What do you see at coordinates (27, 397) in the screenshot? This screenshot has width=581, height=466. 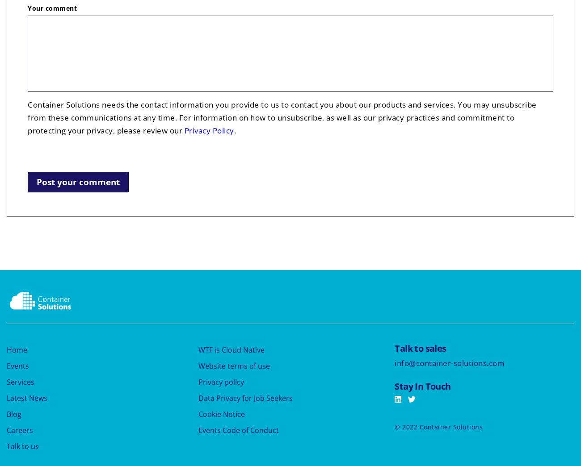 I see `'Latest News'` at bounding box center [27, 397].